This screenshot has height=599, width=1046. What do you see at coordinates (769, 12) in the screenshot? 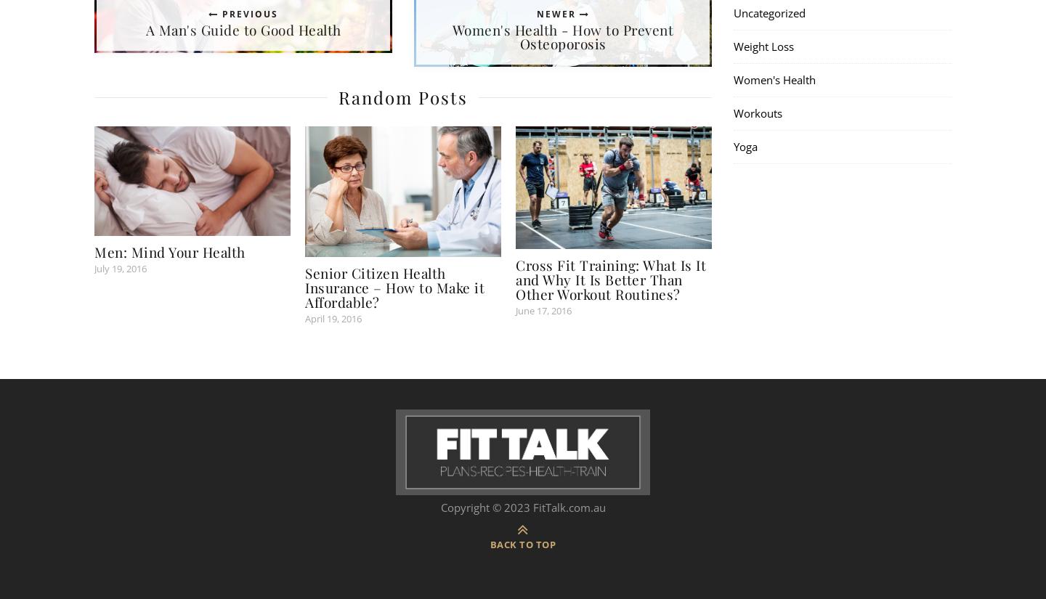
I see `'Uncategorized'` at bounding box center [769, 12].